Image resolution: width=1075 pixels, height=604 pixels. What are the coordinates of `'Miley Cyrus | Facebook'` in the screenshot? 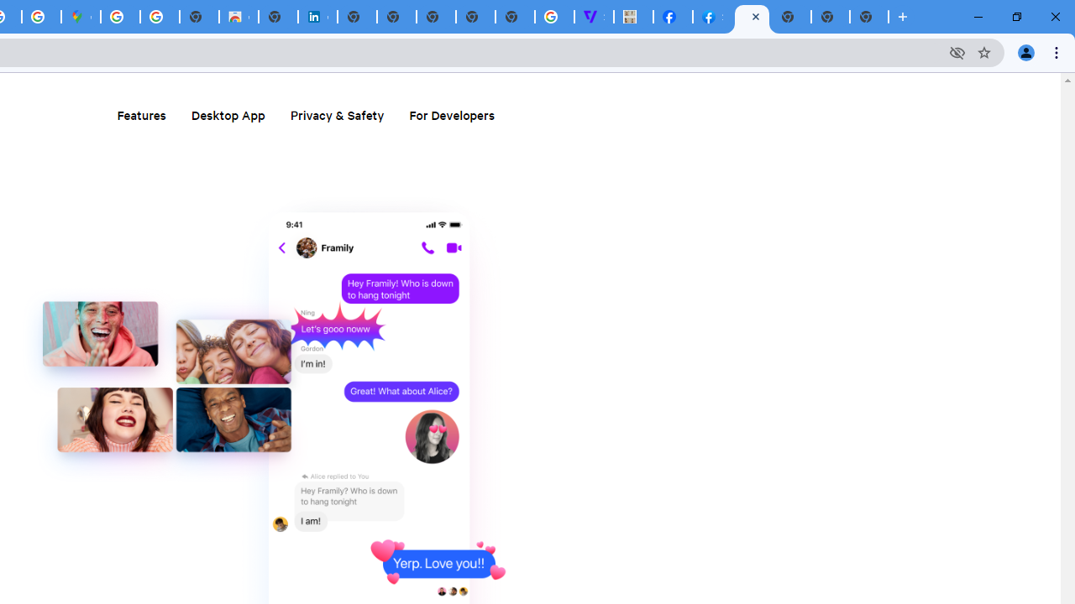 It's located at (673, 17).